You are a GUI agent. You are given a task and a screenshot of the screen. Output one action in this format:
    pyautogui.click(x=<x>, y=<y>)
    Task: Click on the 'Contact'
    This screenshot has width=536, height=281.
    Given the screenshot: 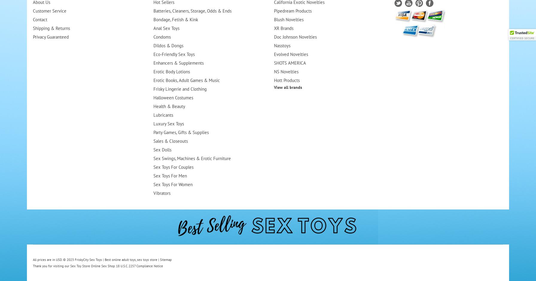 What is the action you would take?
    pyautogui.click(x=32, y=19)
    